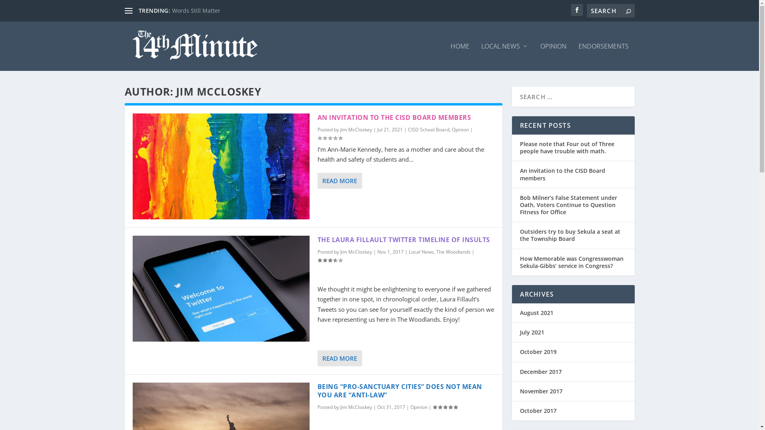 This screenshot has width=765, height=430. What do you see at coordinates (220, 289) in the screenshot?
I see `'The Laura Fillault Twitter Timeline of Insults'` at bounding box center [220, 289].